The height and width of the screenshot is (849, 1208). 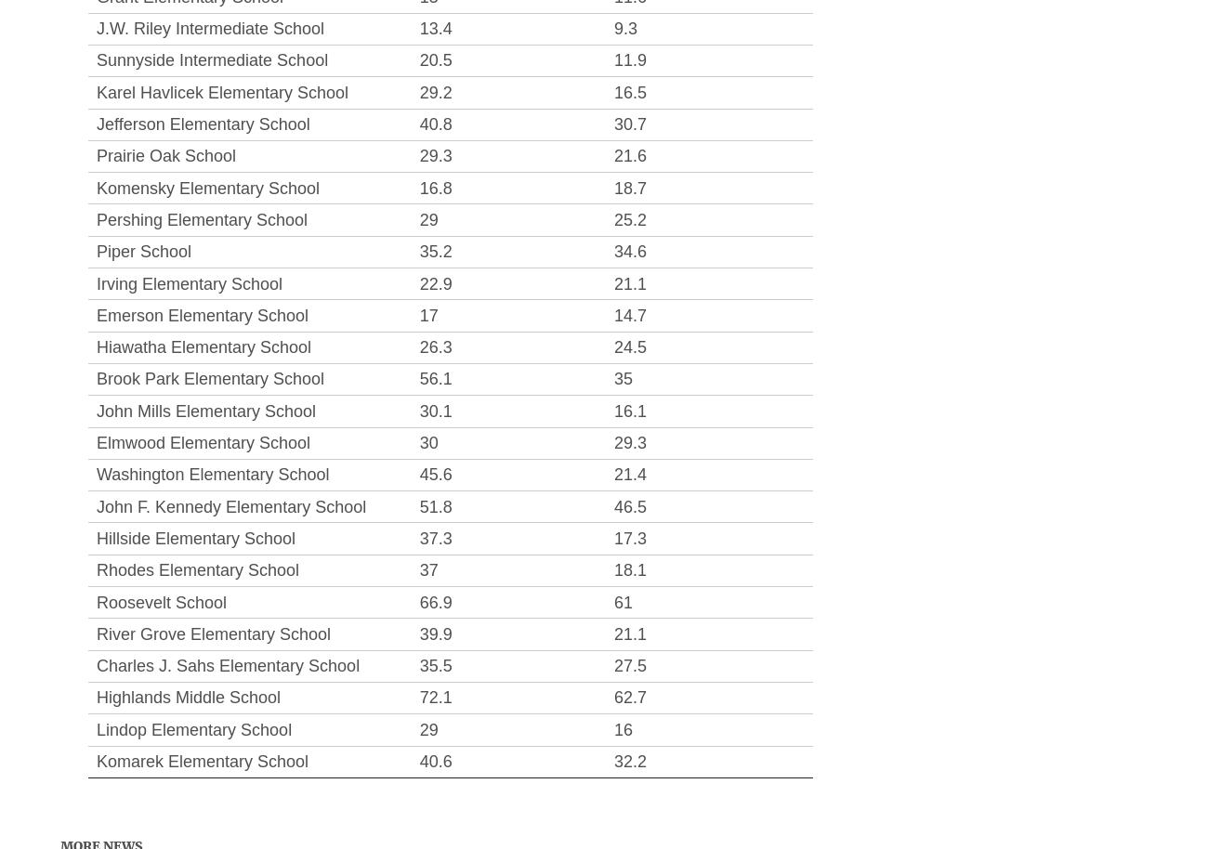 What do you see at coordinates (629, 538) in the screenshot?
I see `'17.3'` at bounding box center [629, 538].